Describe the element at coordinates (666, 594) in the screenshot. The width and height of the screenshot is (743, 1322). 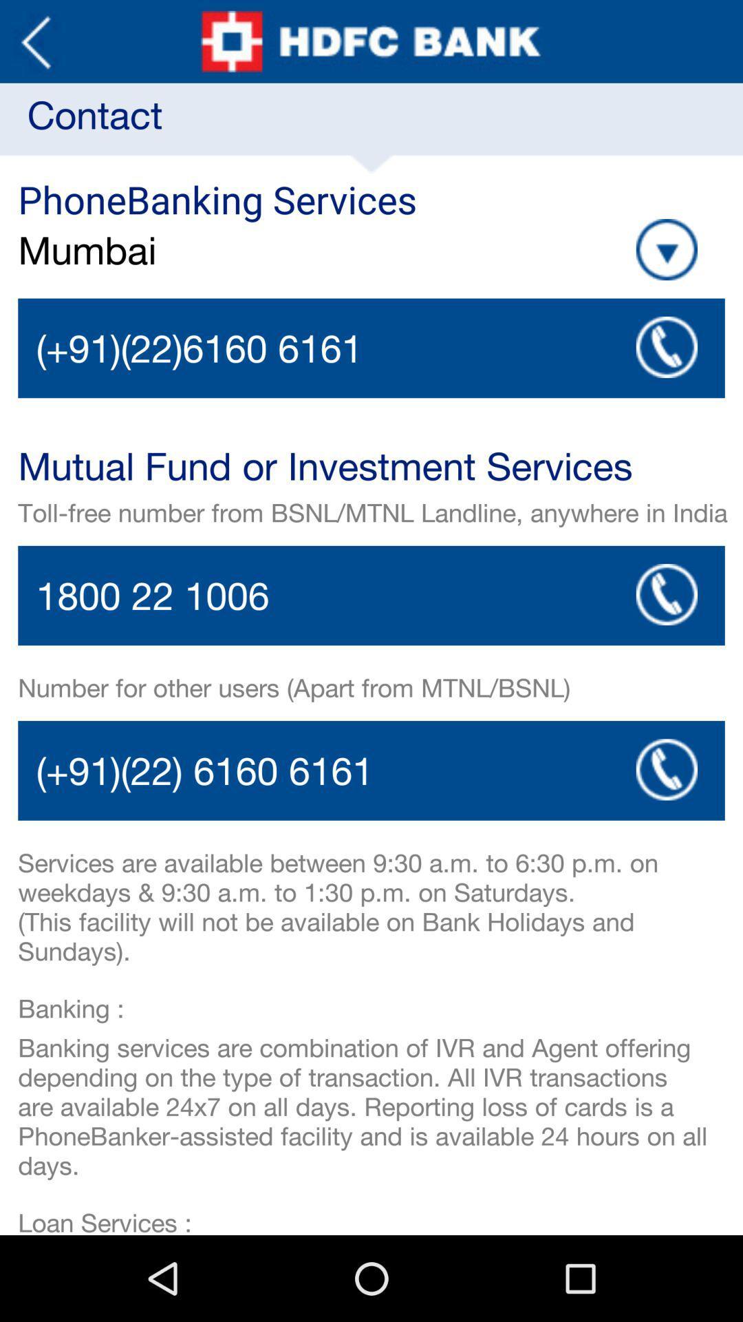
I see `call 1800 22 1006` at that location.